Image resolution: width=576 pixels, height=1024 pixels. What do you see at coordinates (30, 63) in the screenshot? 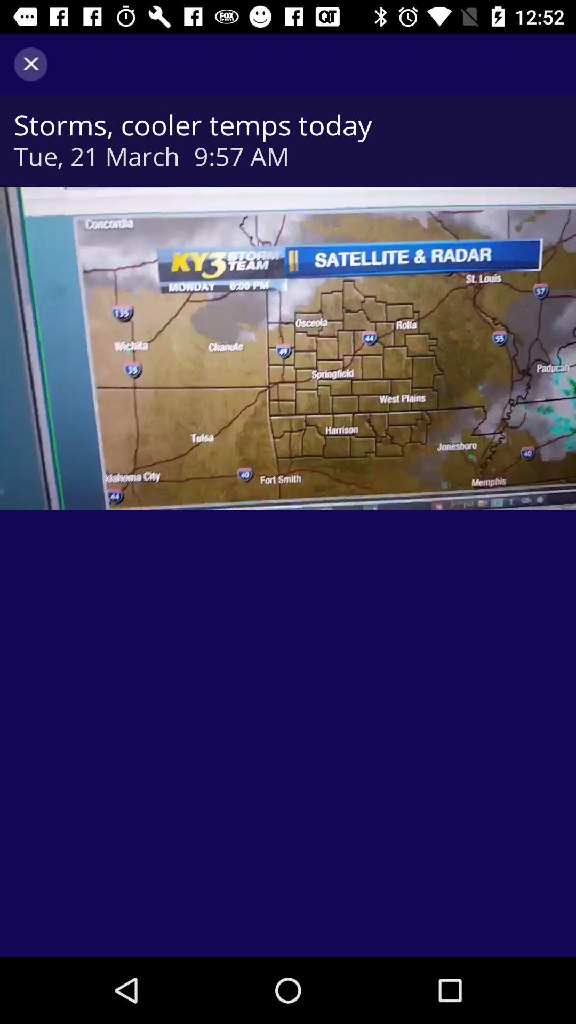
I see `the close icon` at bounding box center [30, 63].